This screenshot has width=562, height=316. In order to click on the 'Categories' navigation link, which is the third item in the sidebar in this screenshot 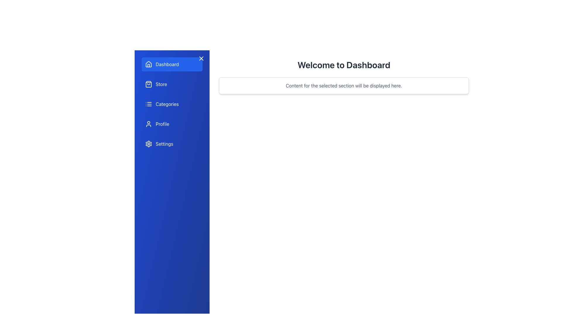, I will do `click(172, 104)`.